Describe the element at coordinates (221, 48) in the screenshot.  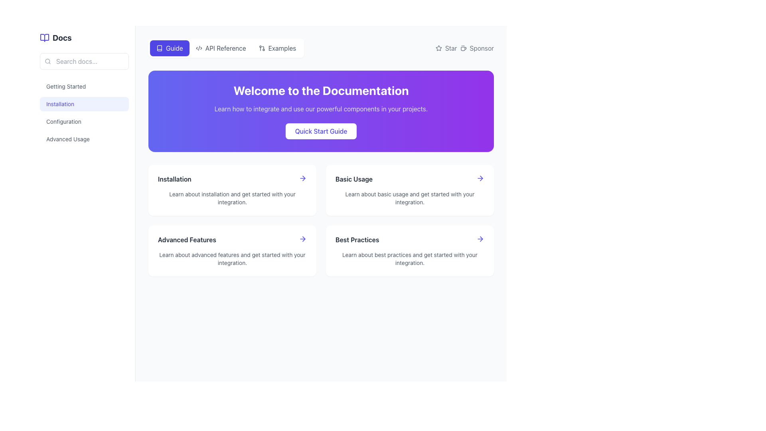
I see `the 'API Reference' button, which is the second button in the horizontal navigation bar at the top center of the interface, positioned between the 'Guide' button on the left and the 'Examples' button on the right` at that location.